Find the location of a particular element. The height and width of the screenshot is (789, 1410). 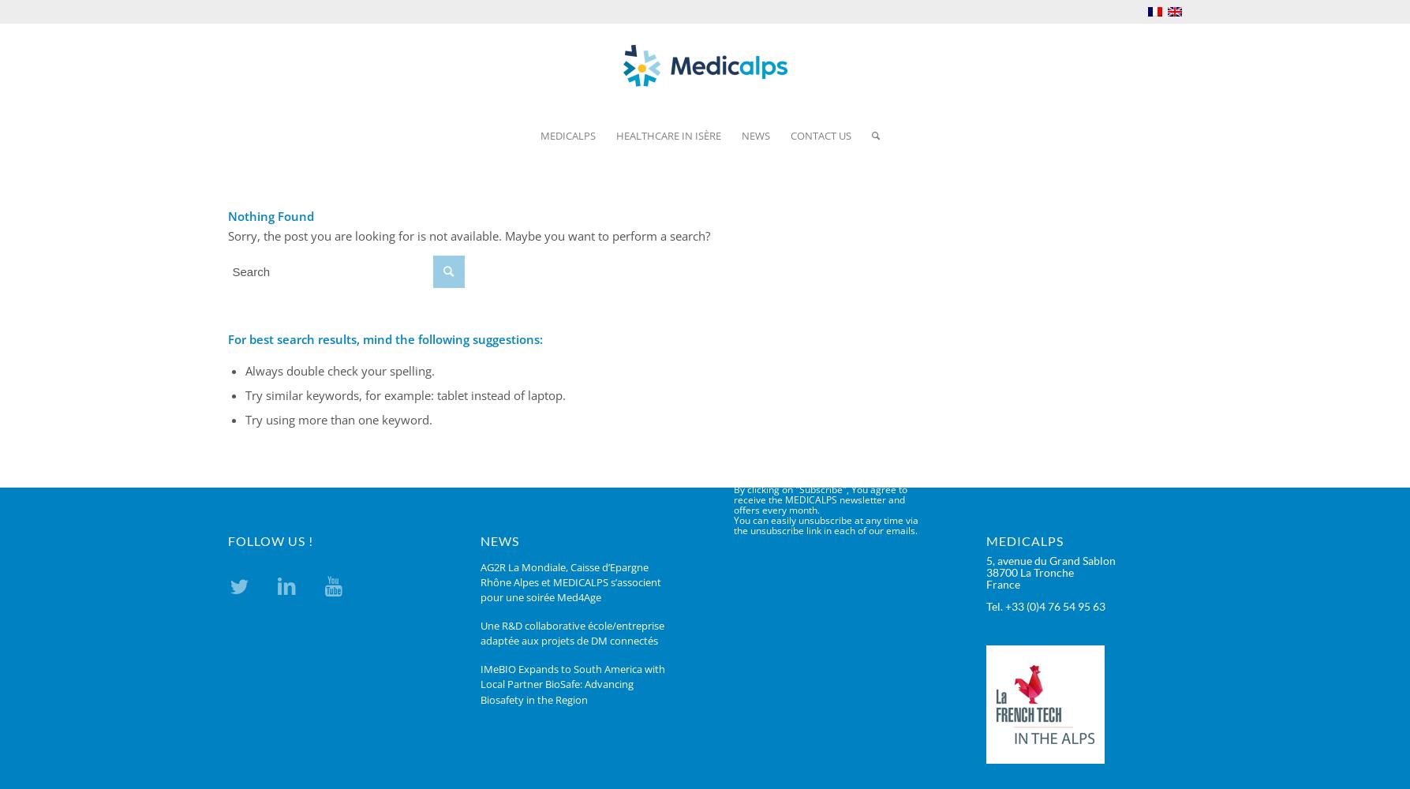

'FOLLOW US !' is located at coordinates (269, 540).